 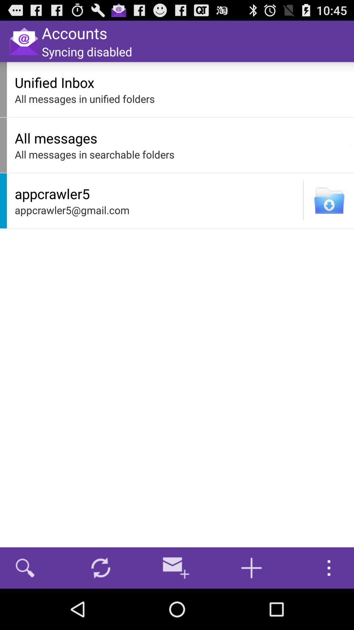 I want to click on download and save, so click(x=329, y=200).